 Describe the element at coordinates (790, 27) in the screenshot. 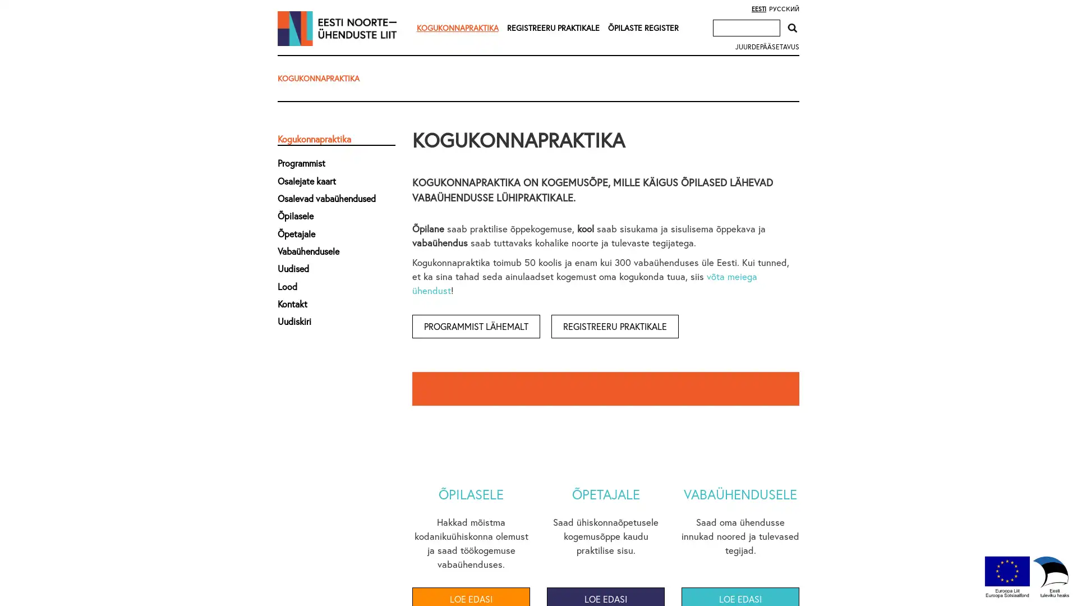

I see `Otsi` at that location.